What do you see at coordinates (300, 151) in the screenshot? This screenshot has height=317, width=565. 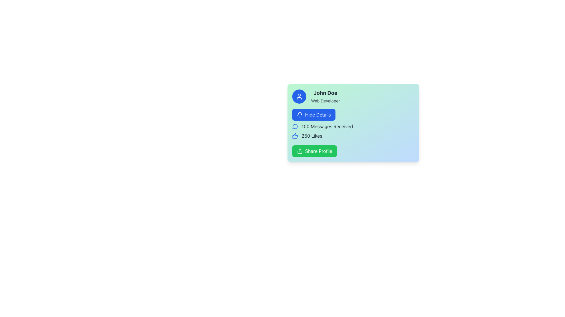 I see `the 'share' icon with a green background and white strokes, located within the 'Share Profile' button at the bottom-right corner of the user profile card` at bounding box center [300, 151].